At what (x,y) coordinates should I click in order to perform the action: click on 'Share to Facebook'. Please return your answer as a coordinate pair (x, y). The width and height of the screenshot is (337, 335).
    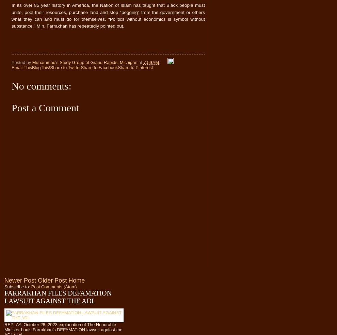
    Looking at the image, I should click on (99, 67).